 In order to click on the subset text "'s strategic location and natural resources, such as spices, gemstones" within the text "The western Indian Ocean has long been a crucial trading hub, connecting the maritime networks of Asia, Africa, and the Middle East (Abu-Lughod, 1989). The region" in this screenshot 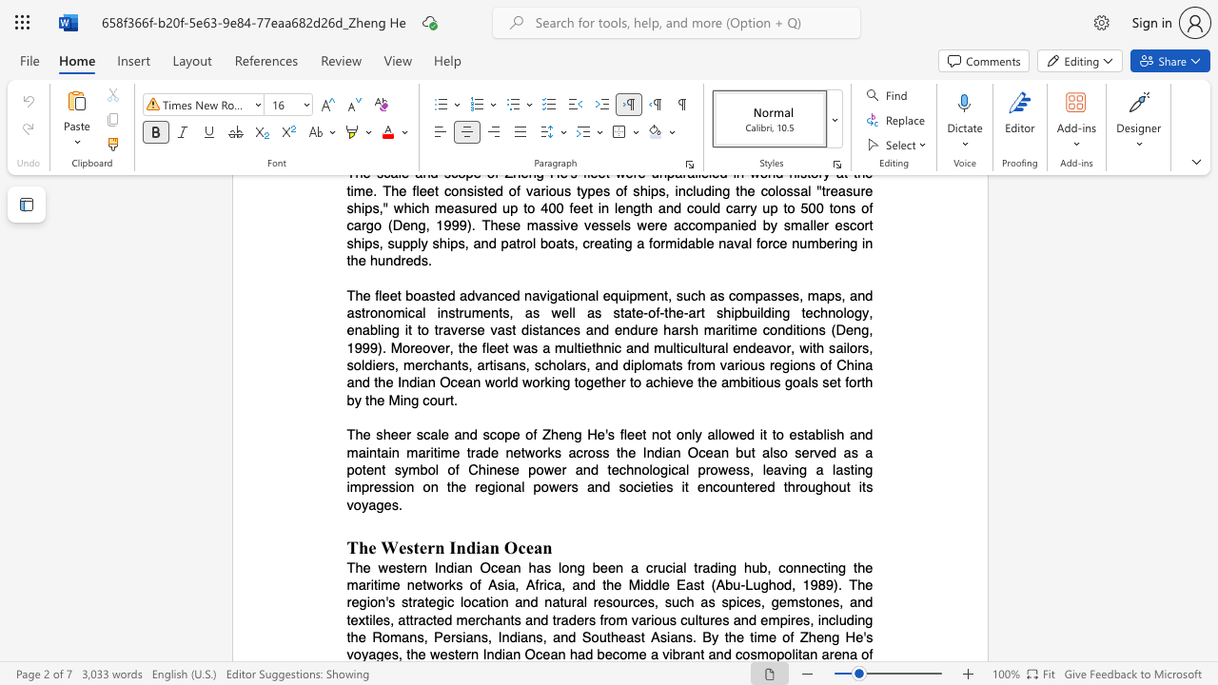, I will do `click(384, 602)`.